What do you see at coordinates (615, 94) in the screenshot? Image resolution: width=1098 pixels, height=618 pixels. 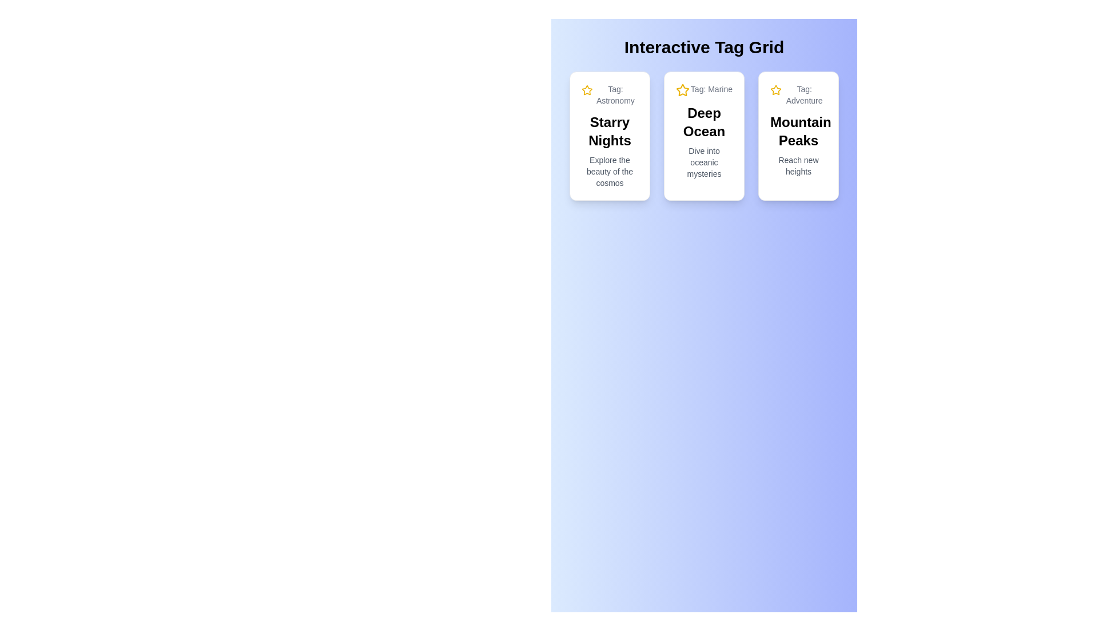 I see `text label that specifies the category 'Astronomy', which is located above the 'Starry Nights' heading and next to a yellow star icon` at bounding box center [615, 94].